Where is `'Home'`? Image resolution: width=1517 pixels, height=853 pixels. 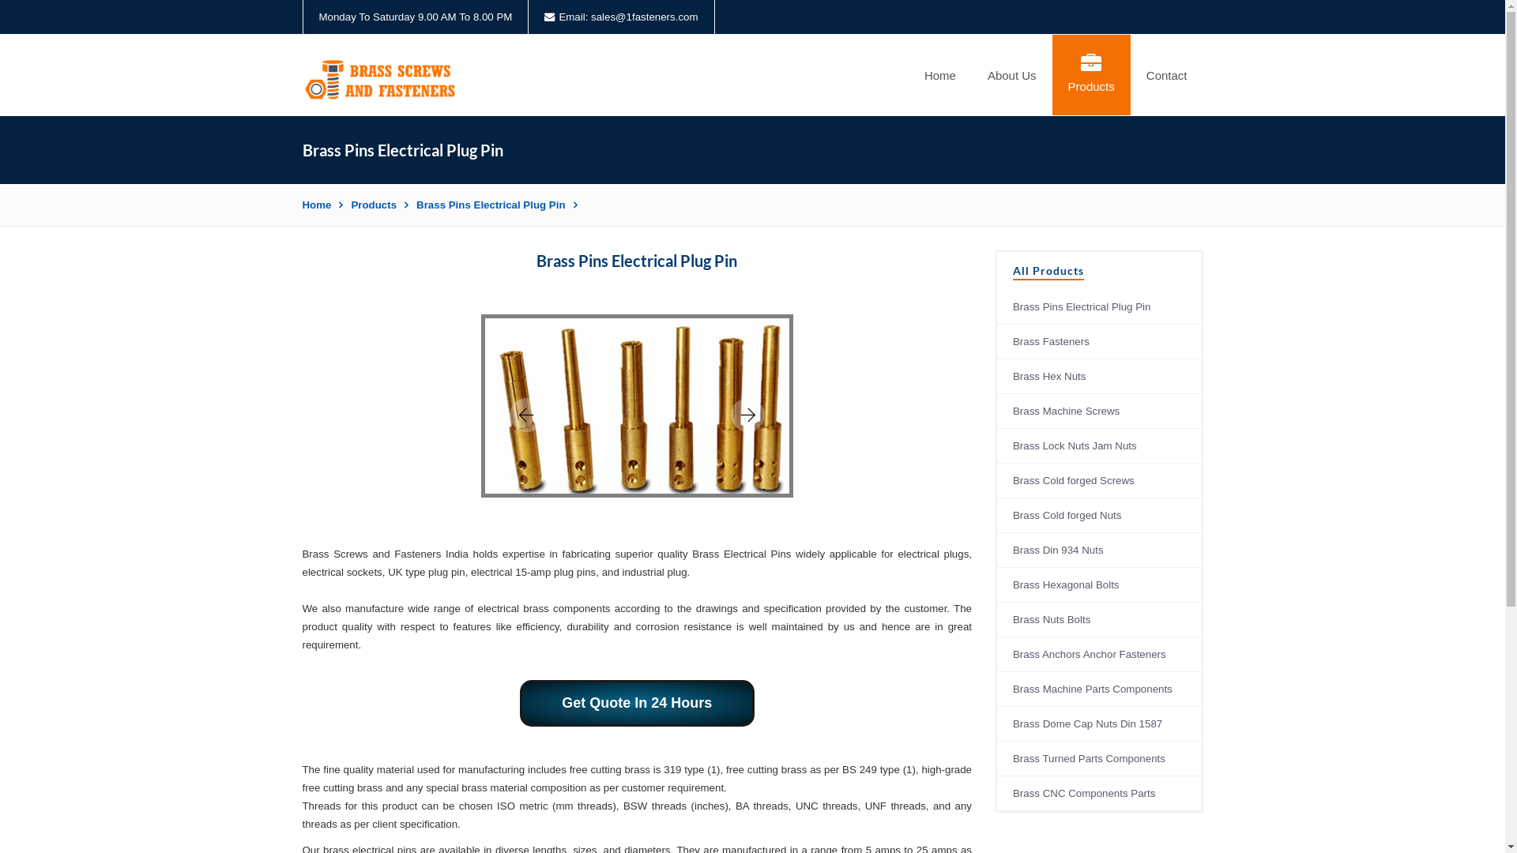 'Home' is located at coordinates (322, 204).